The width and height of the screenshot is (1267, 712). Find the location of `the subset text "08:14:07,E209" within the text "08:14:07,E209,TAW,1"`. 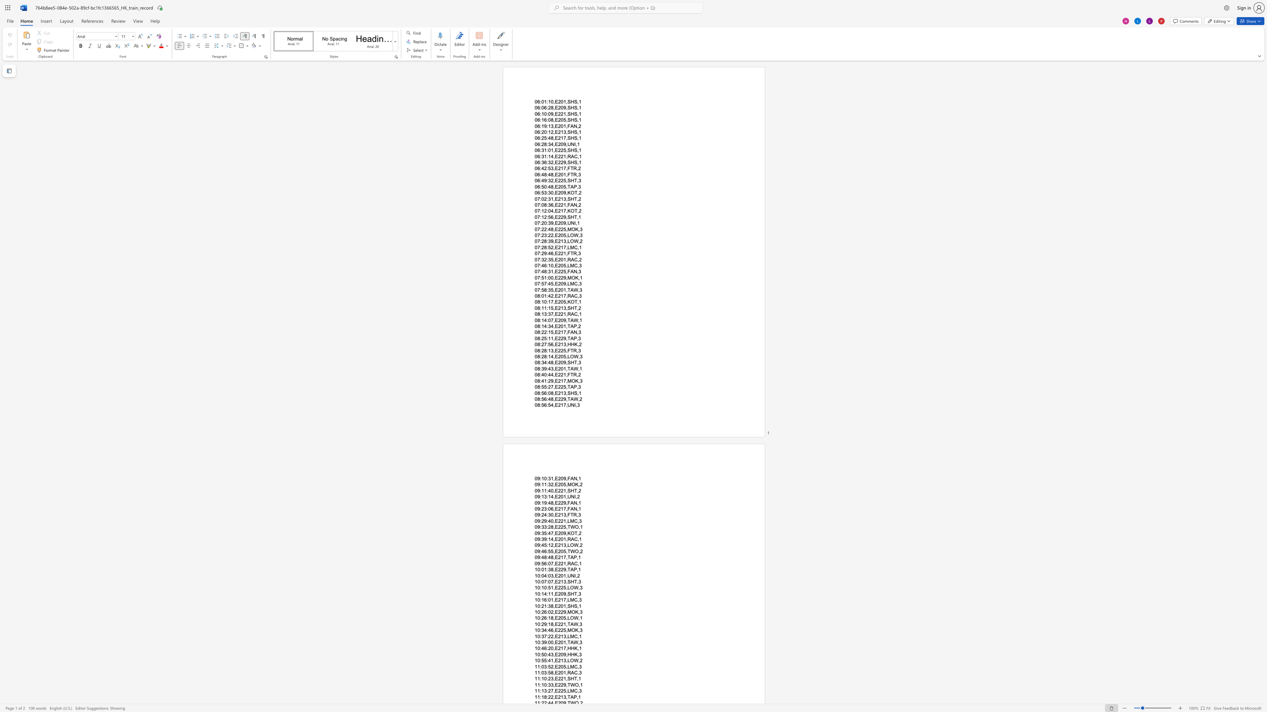

the subset text "08:14:07,E209" within the text "08:14:07,E209,TAW,1" is located at coordinates (535, 320).